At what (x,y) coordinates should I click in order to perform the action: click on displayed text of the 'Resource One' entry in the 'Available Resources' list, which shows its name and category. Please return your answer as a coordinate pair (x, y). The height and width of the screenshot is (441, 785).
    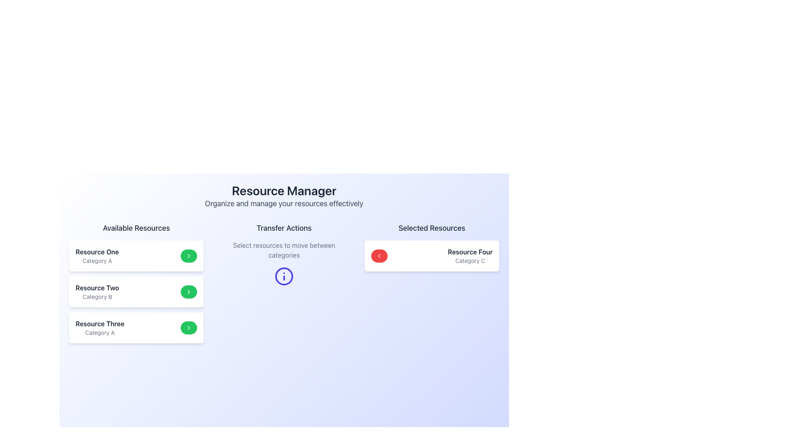
    Looking at the image, I should click on (97, 256).